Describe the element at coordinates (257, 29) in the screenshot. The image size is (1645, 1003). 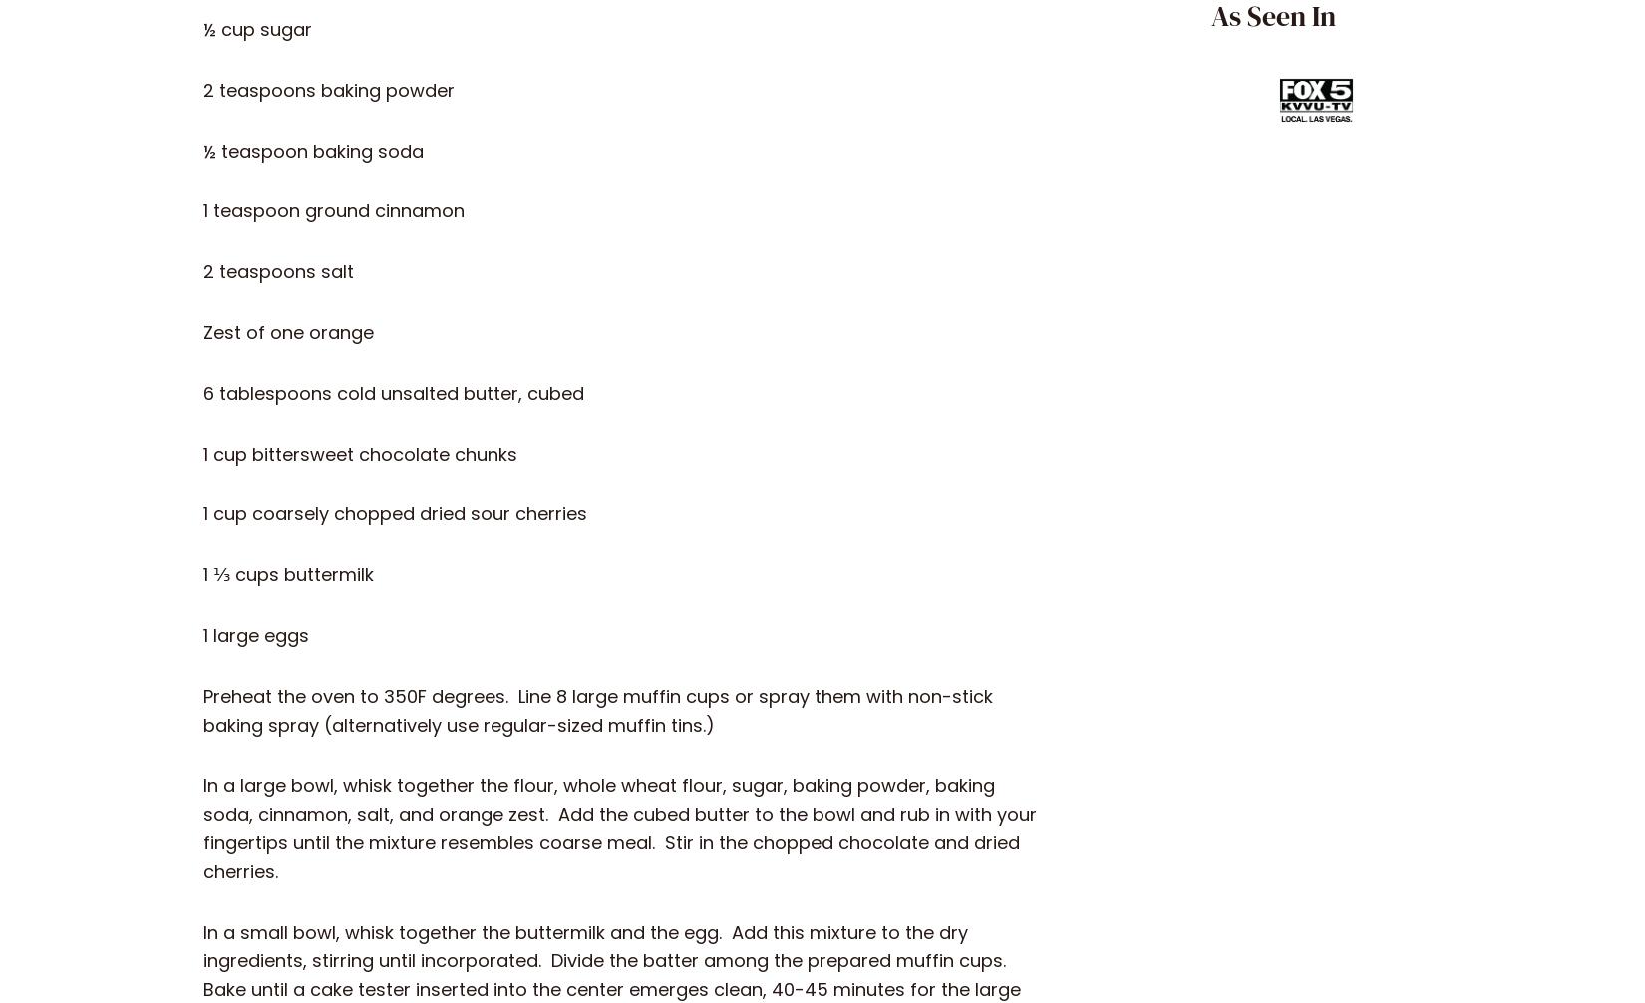
I see `'½ cup sugar'` at that location.